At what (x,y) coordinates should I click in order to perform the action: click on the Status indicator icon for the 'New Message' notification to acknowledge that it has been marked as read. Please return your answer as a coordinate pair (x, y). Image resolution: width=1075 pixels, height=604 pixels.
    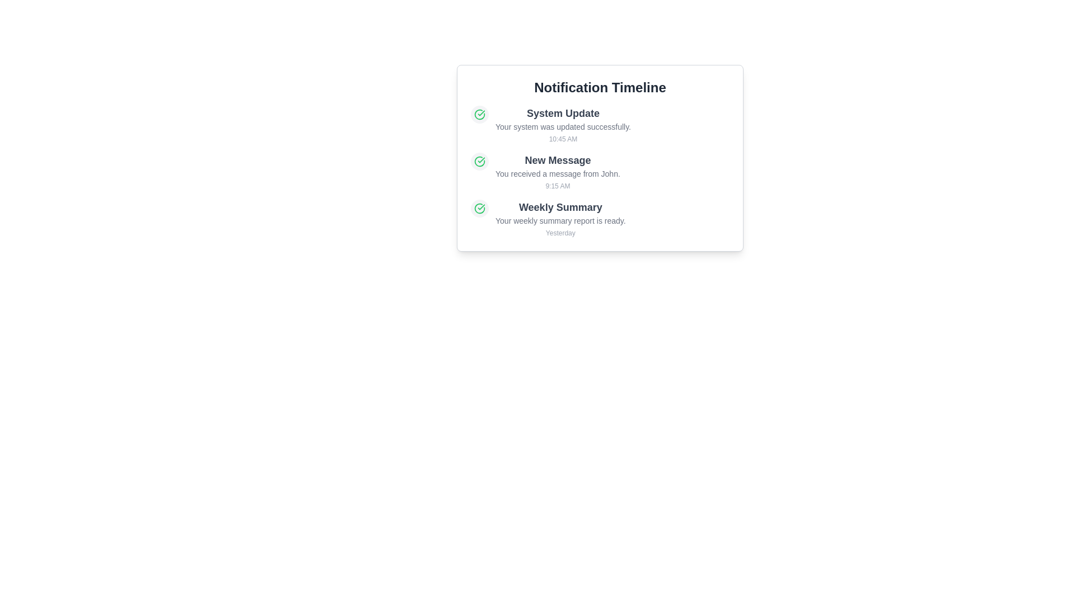
    Looking at the image, I should click on (480, 162).